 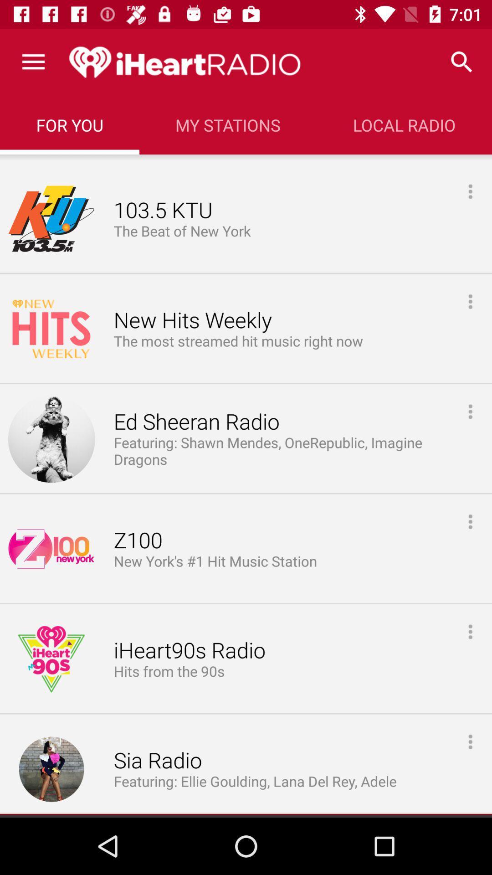 What do you see at coordinates (192, 320) in the screenshot?
I see `item above the the most streamed icon` at bounding box center [192, 320].